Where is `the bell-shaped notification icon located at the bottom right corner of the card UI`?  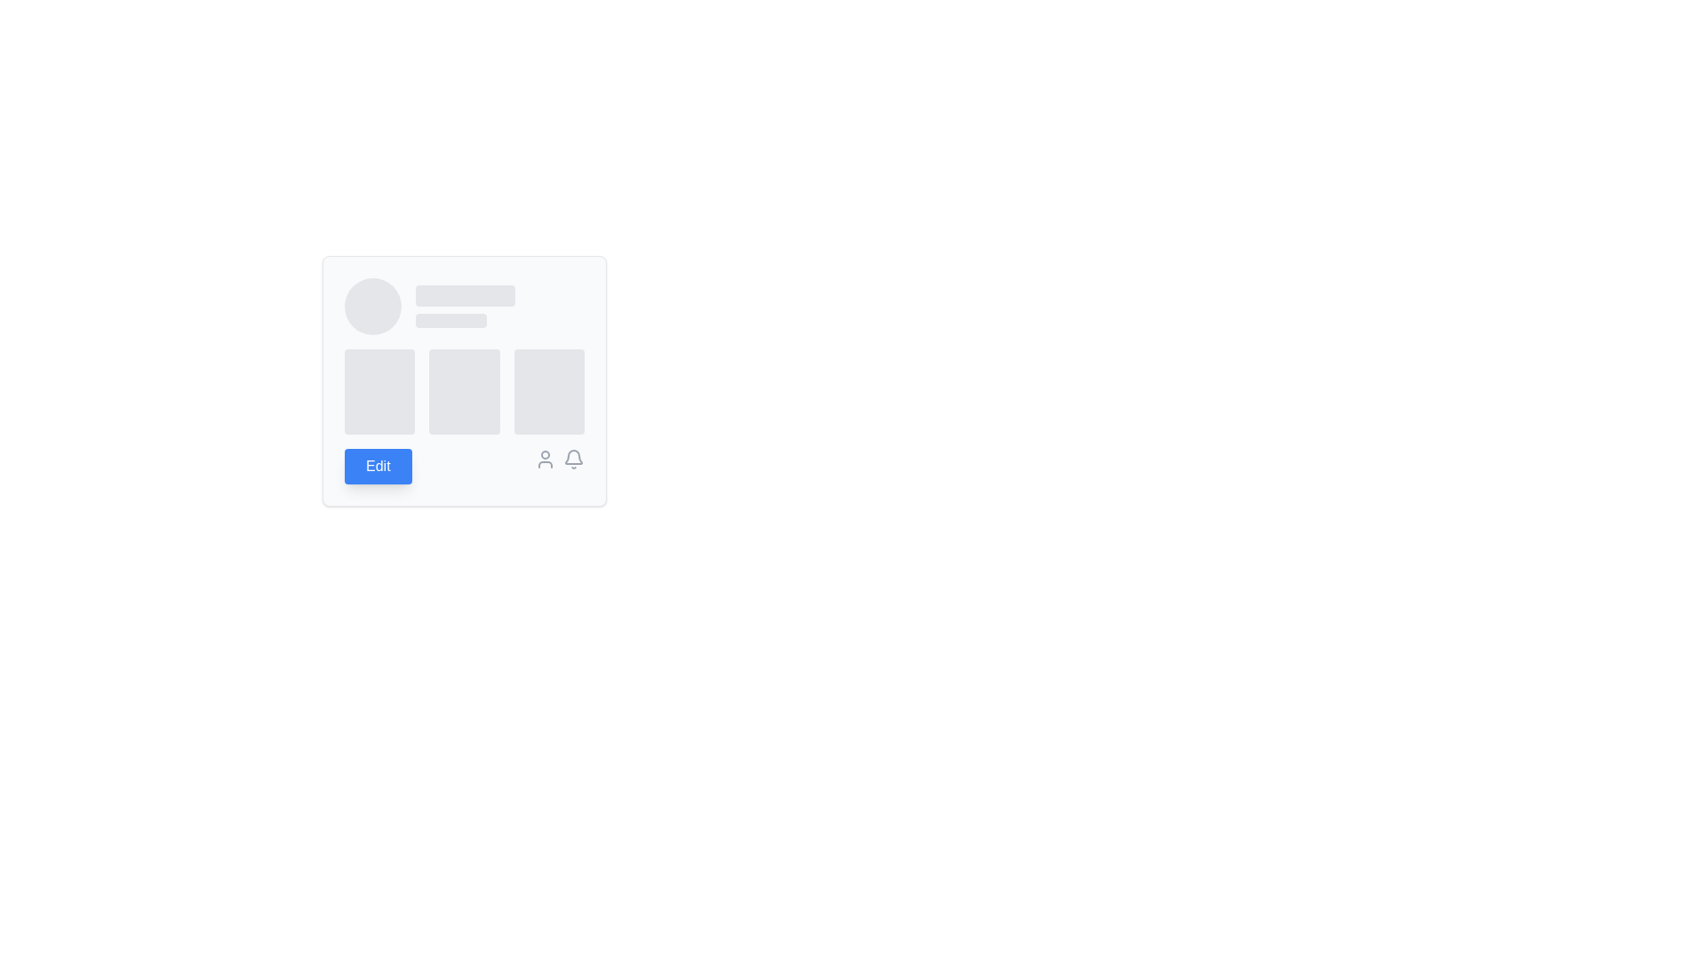 the bell-shaped notification icon located at the bottom right corner of the card UI is located at coordinates (574, 456).